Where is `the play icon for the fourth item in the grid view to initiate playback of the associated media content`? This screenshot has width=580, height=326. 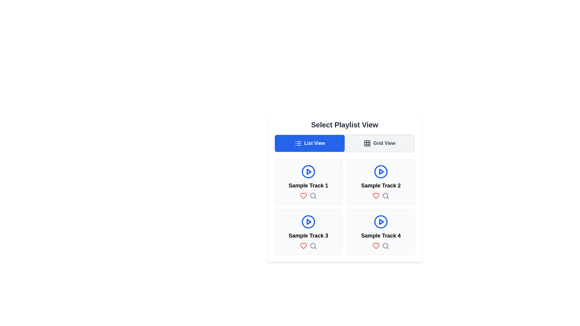
the play icon for the fourth item in the grid view to initiate playback of the associated media content is located at coordinates (381, 222).